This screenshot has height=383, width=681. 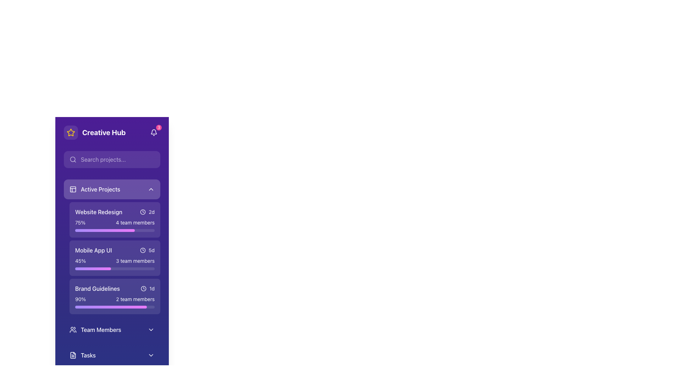 I want to click on the clock icon located to the right of the 'Website Redesign' label and before the '2d' text display, so click(x=143, y=211).